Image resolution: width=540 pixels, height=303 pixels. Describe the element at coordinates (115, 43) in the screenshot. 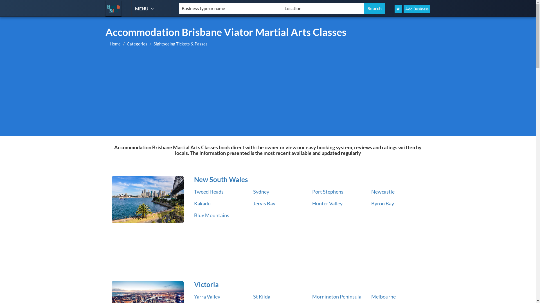

I see `'Home'` at that location.